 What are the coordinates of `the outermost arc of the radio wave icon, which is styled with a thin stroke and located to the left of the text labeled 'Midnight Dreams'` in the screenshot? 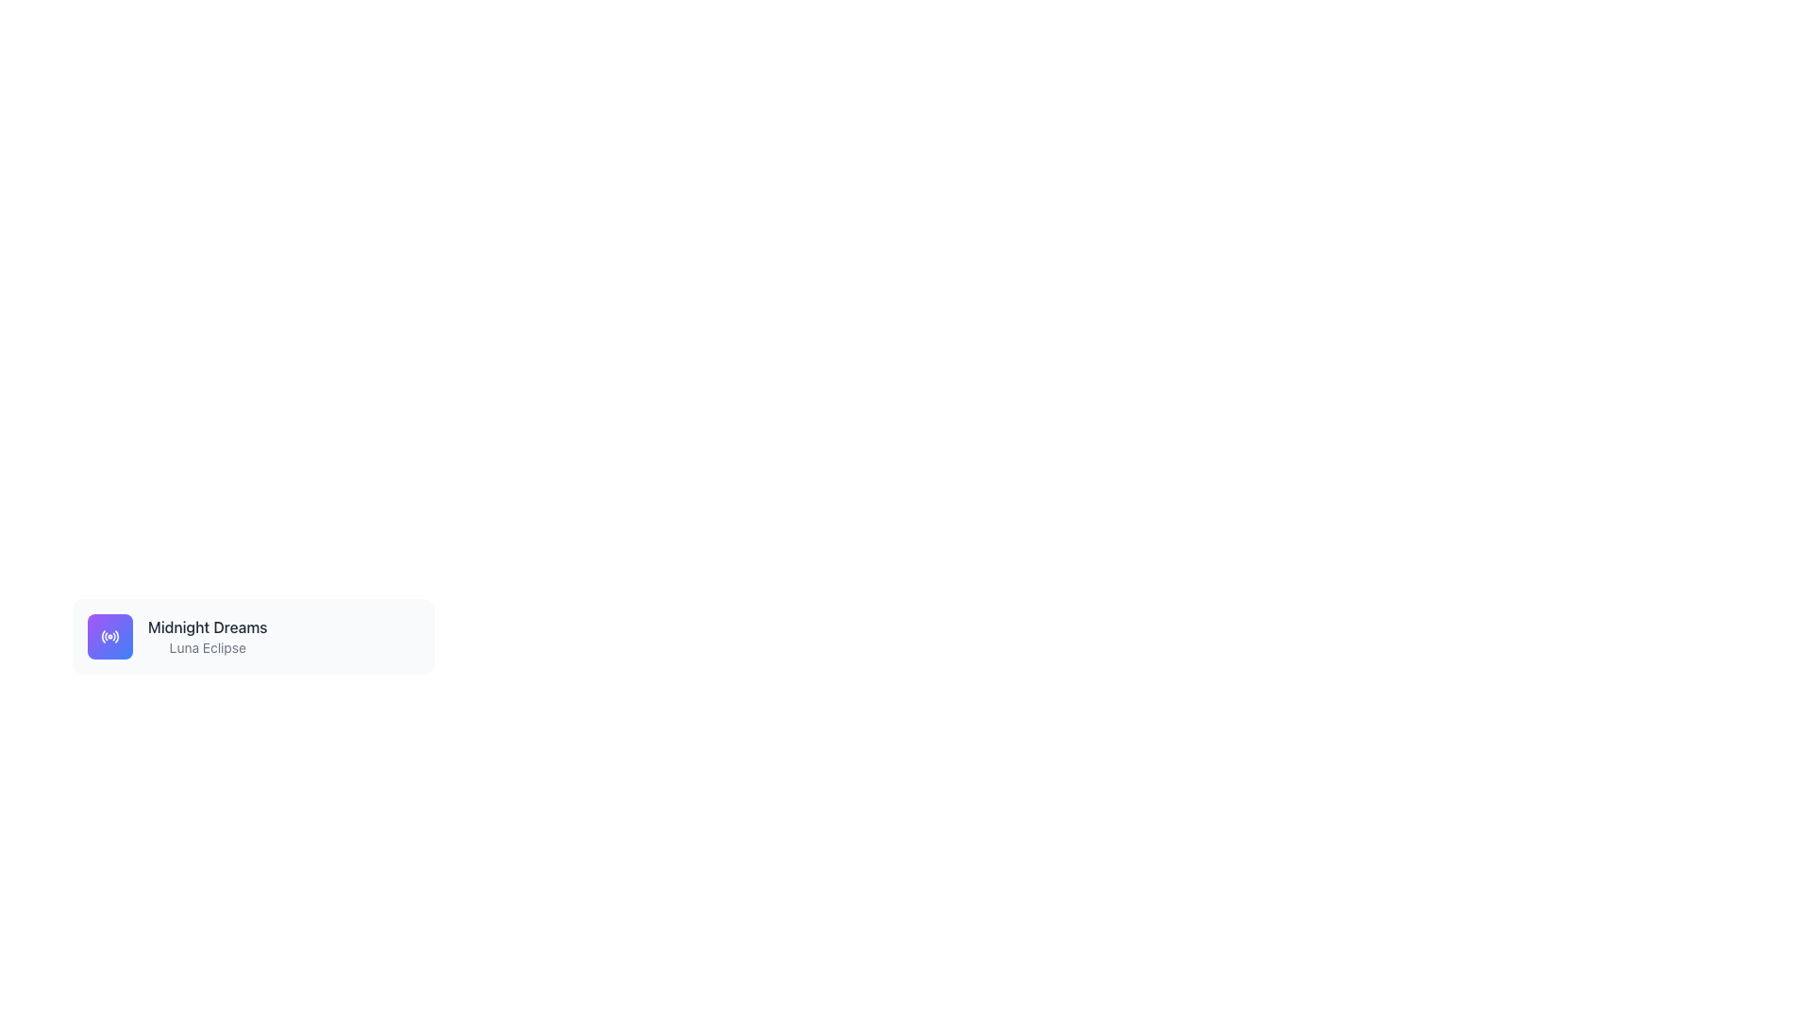 It's located at (116, 637).